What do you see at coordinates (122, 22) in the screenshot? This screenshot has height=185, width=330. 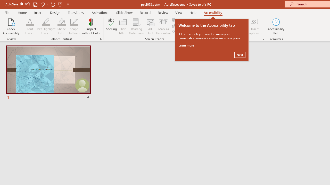 I see `'Slide Title'` at bounding box center [122, 22].